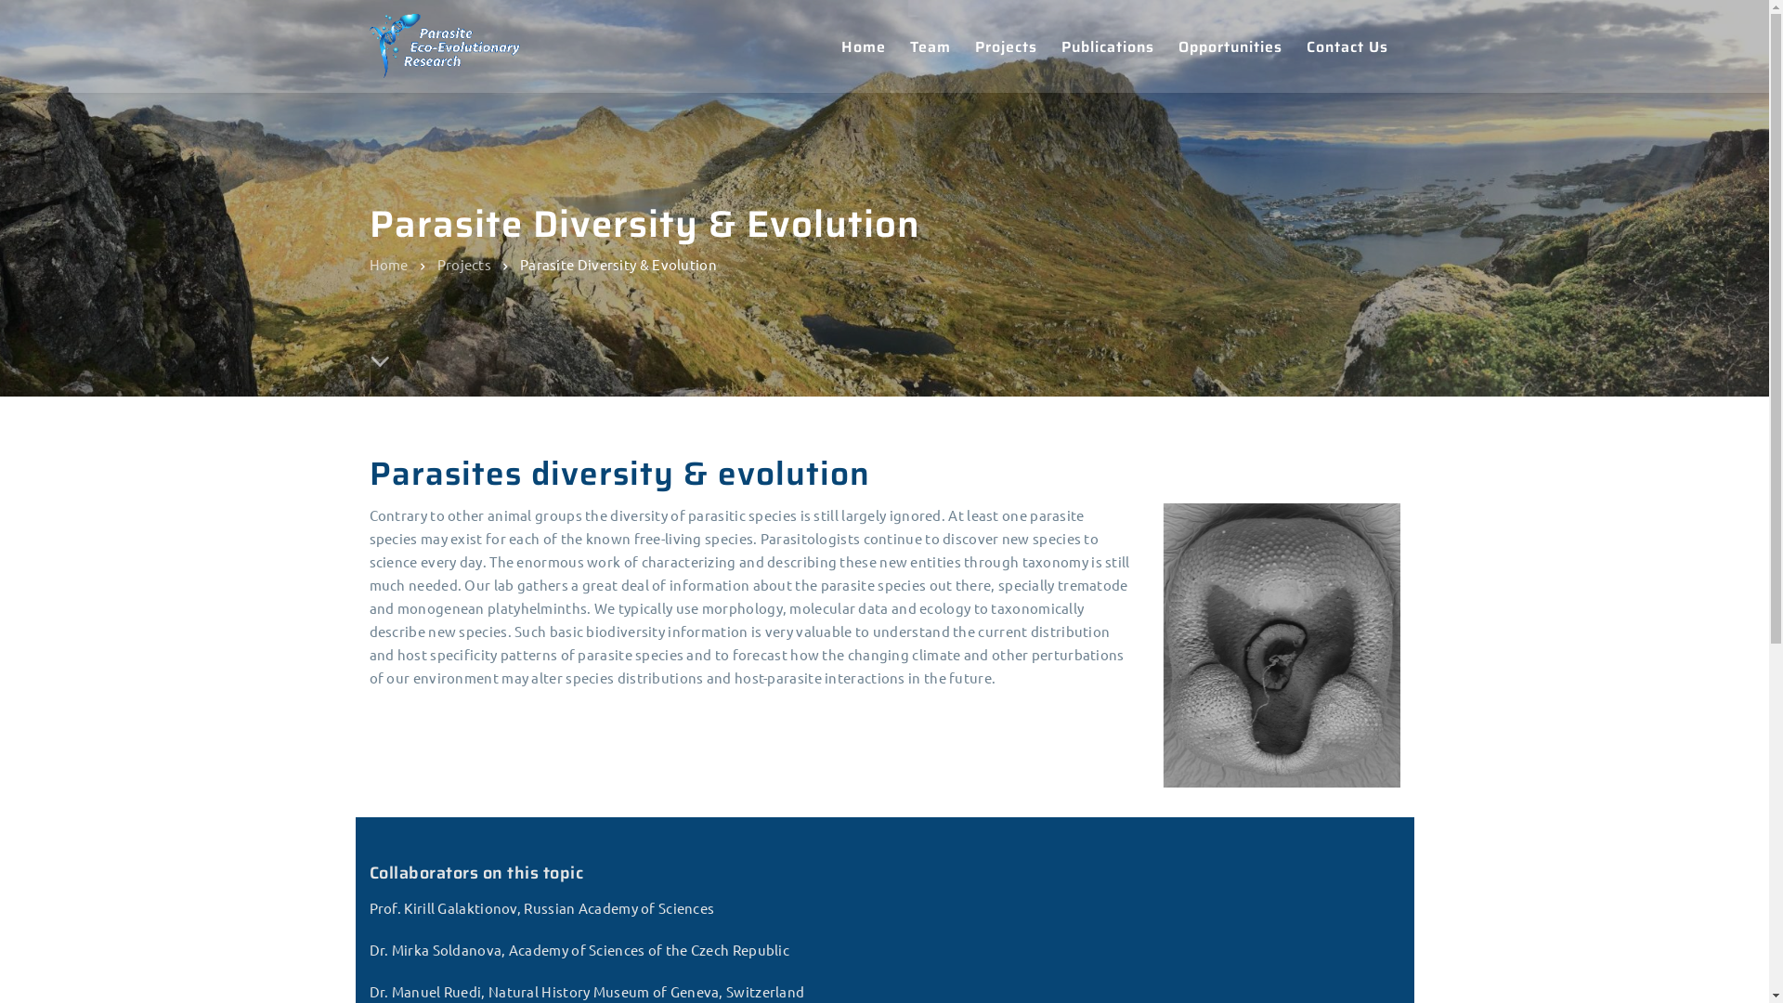  What do you see at coordinates (755, 730) in the screenshot?
I see `'Team'` at bounding box center [755, 730].